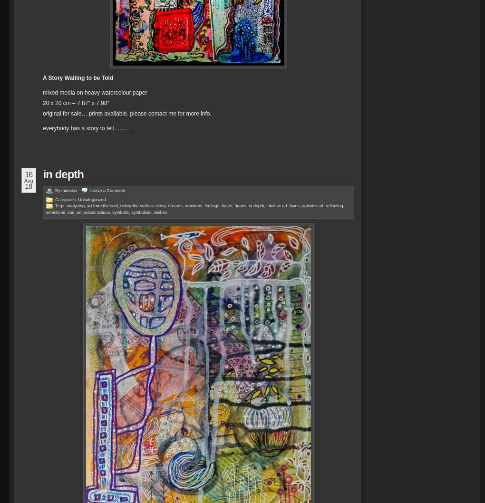 This screenshot has width=485, height=503. What do you see at coordinates (67, 199) in the screenshot?
I see `'Categories:'` at bounding box center [67, 199].